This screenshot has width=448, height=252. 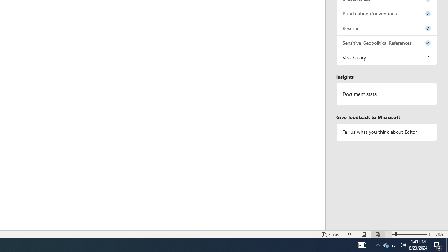 What do you see at coordinates (409, 234) in the screenshot?
I see `'Zoom'` at bounding box center [409, 234].